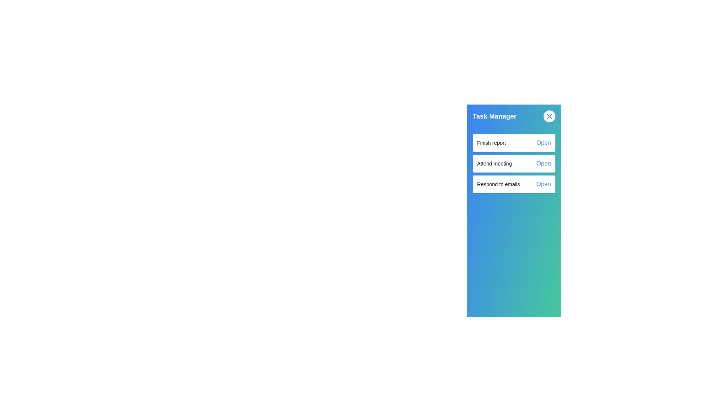 This screenshot has height=399, width=709. I want to click on the first text label in the task list panel, which provides a descriptive name to the user, positioned to the left of the 'Open' button, so click(491, 143).